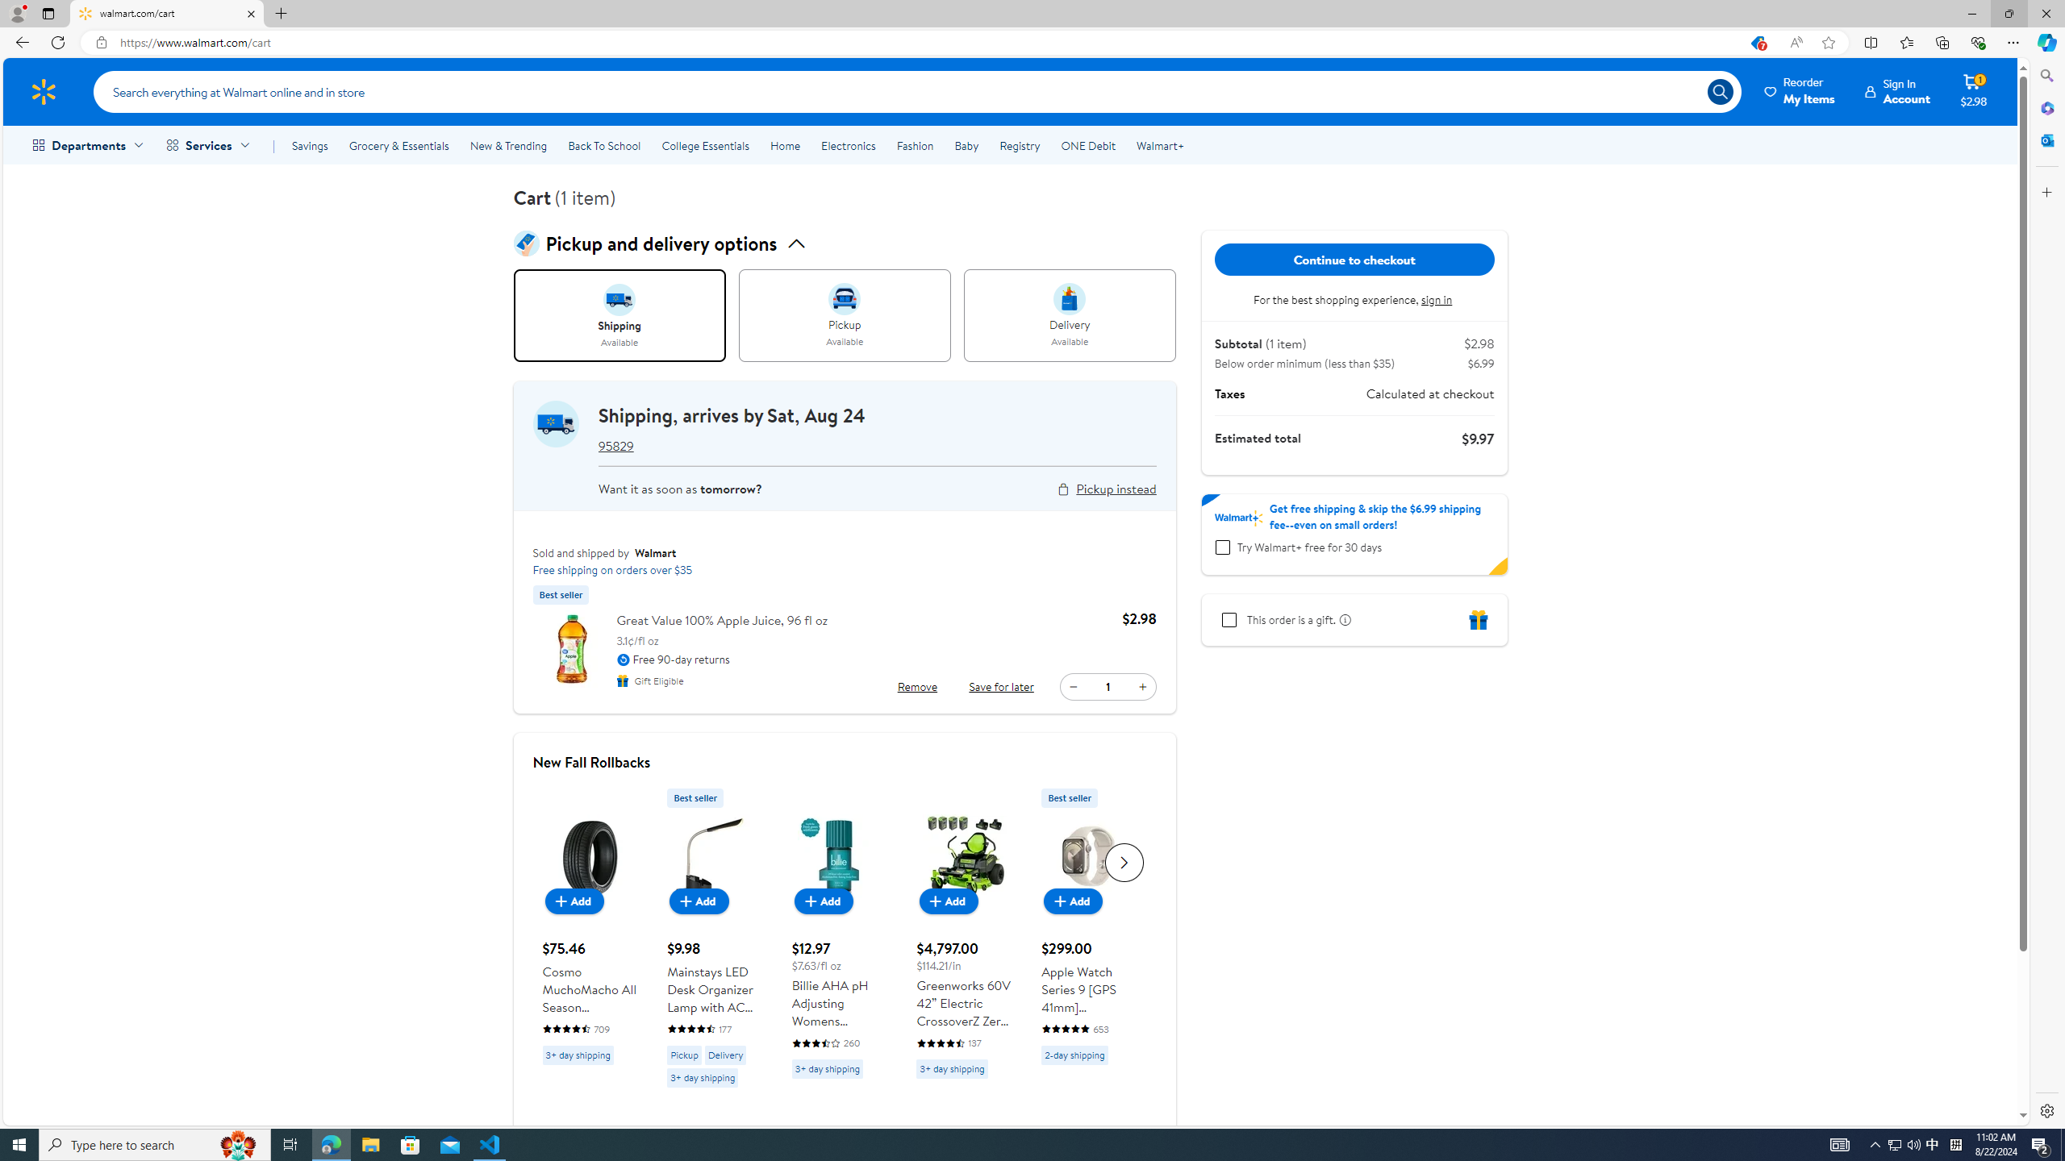 The image size is (2065, 1161). I want to click on 'Grocery & Essentials', so click(398, 145).